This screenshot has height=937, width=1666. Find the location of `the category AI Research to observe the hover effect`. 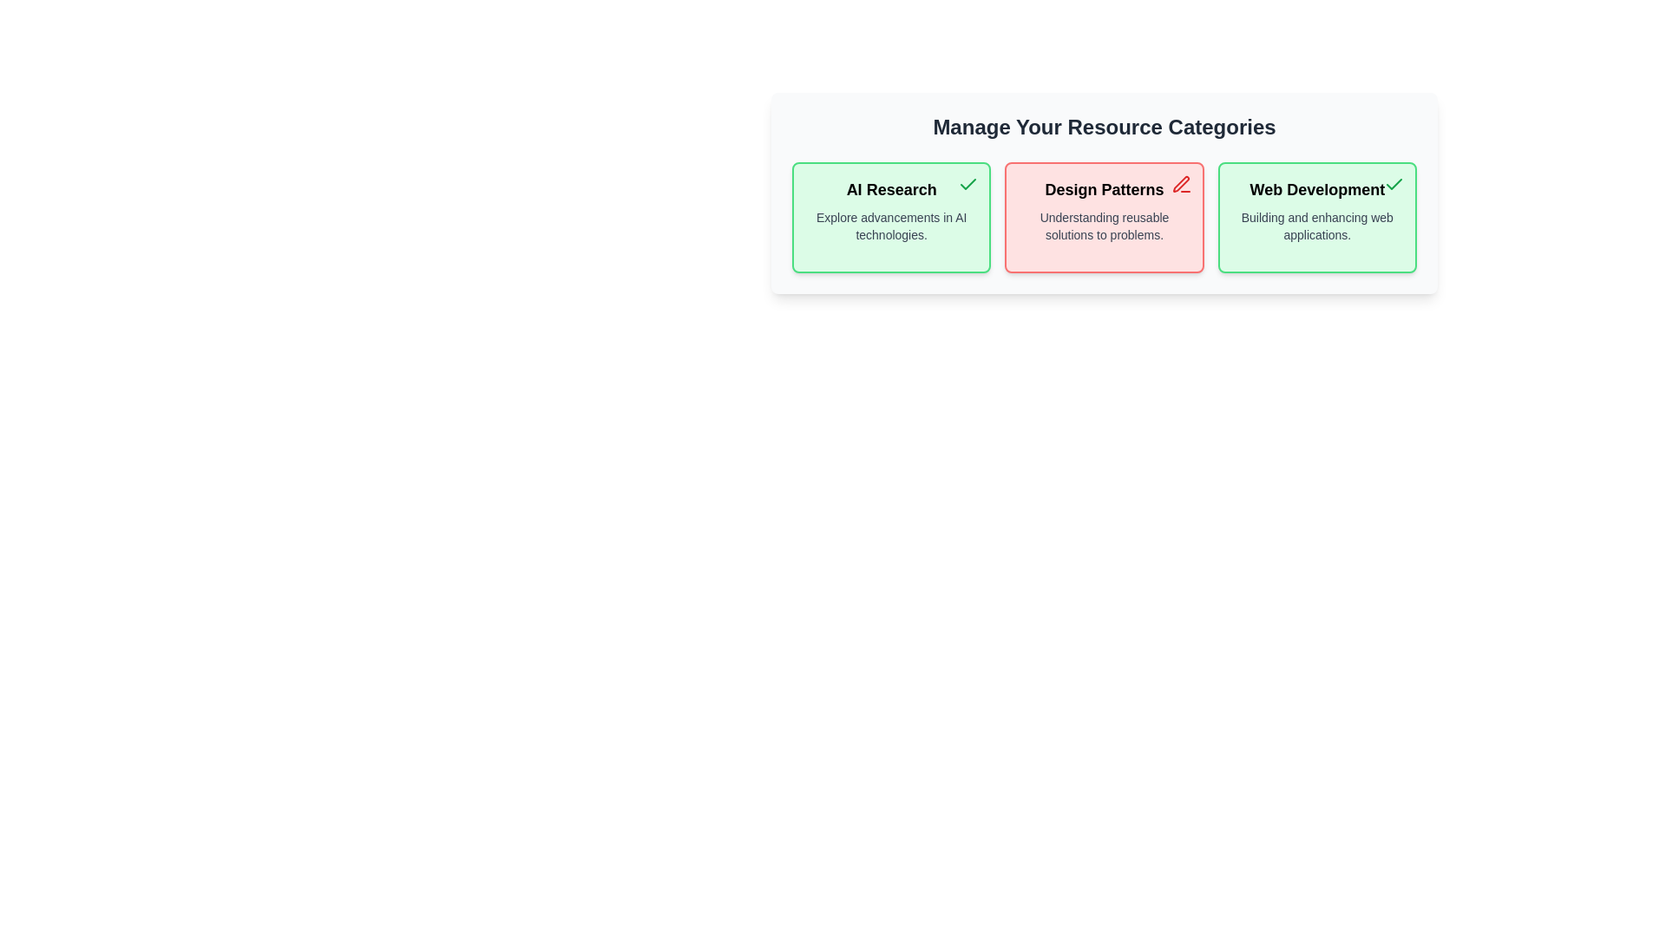

the category AI Research to observe the hover effect is located at coordinates (891, 216).